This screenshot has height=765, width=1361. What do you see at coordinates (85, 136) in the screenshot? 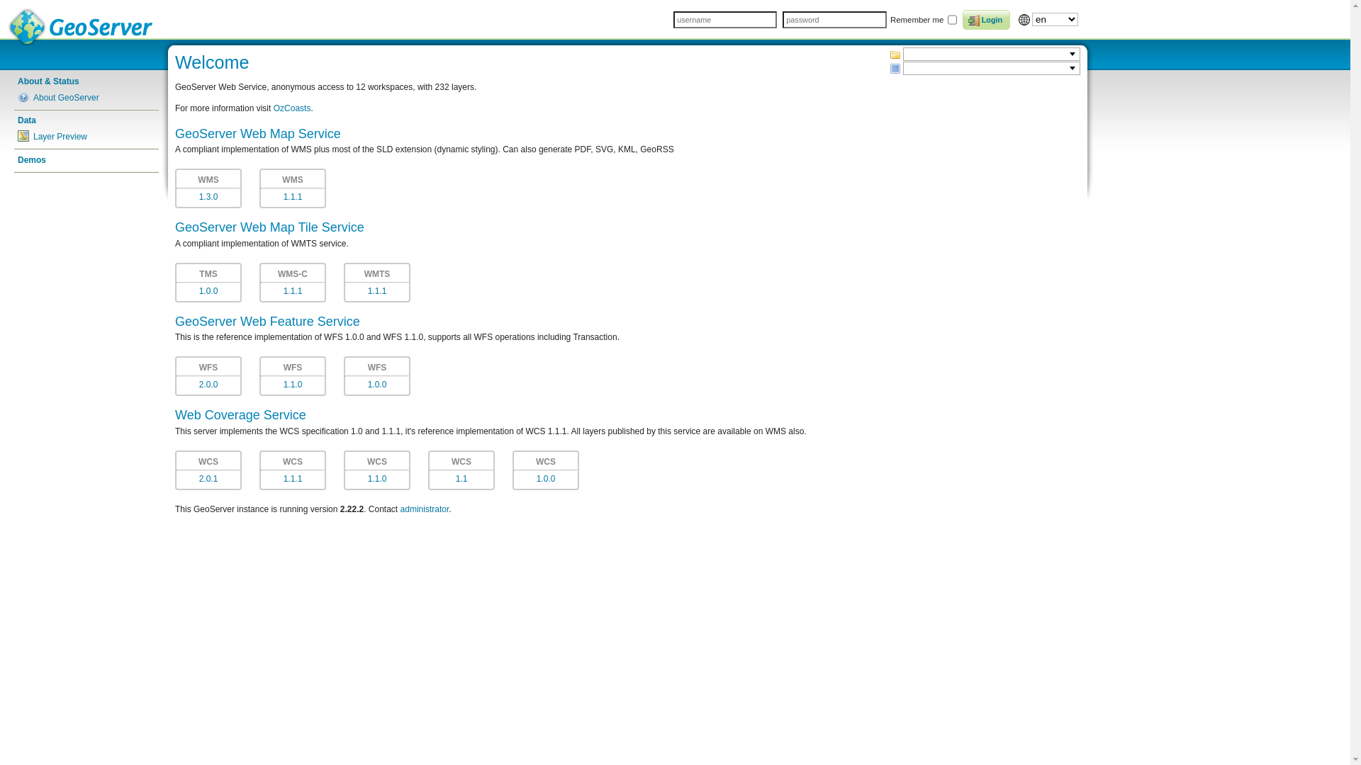
I see `'Layer Preview'` at bounding box center [85, 136].